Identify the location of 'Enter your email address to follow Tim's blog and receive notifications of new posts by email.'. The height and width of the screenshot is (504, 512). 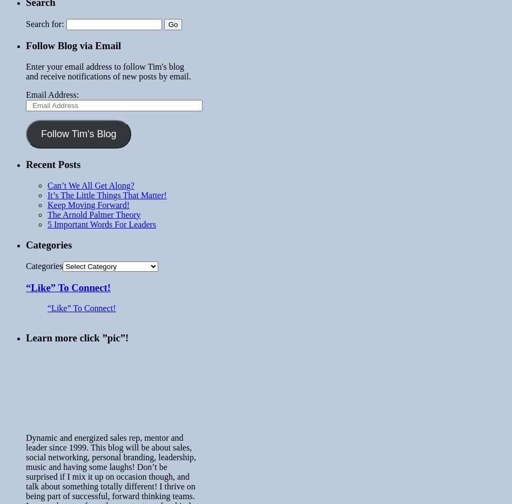
(25, 71).